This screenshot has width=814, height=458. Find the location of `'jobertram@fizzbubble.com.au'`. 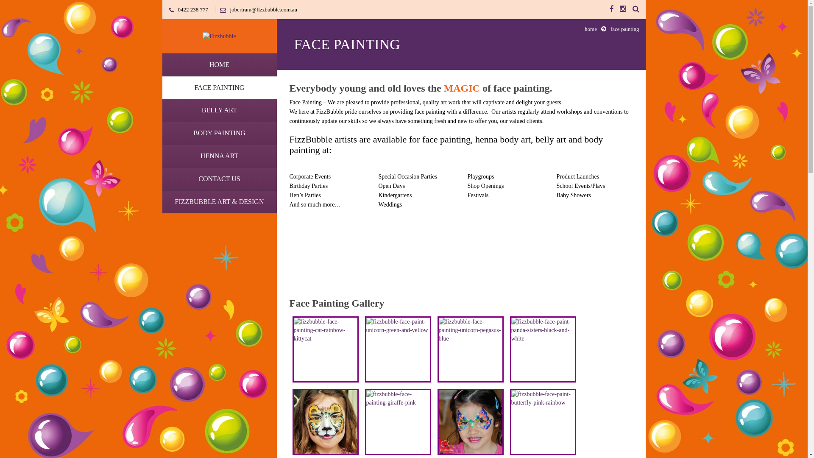

'jobertram@fizzbubble.com.au' is located at coordinates (256, 9).